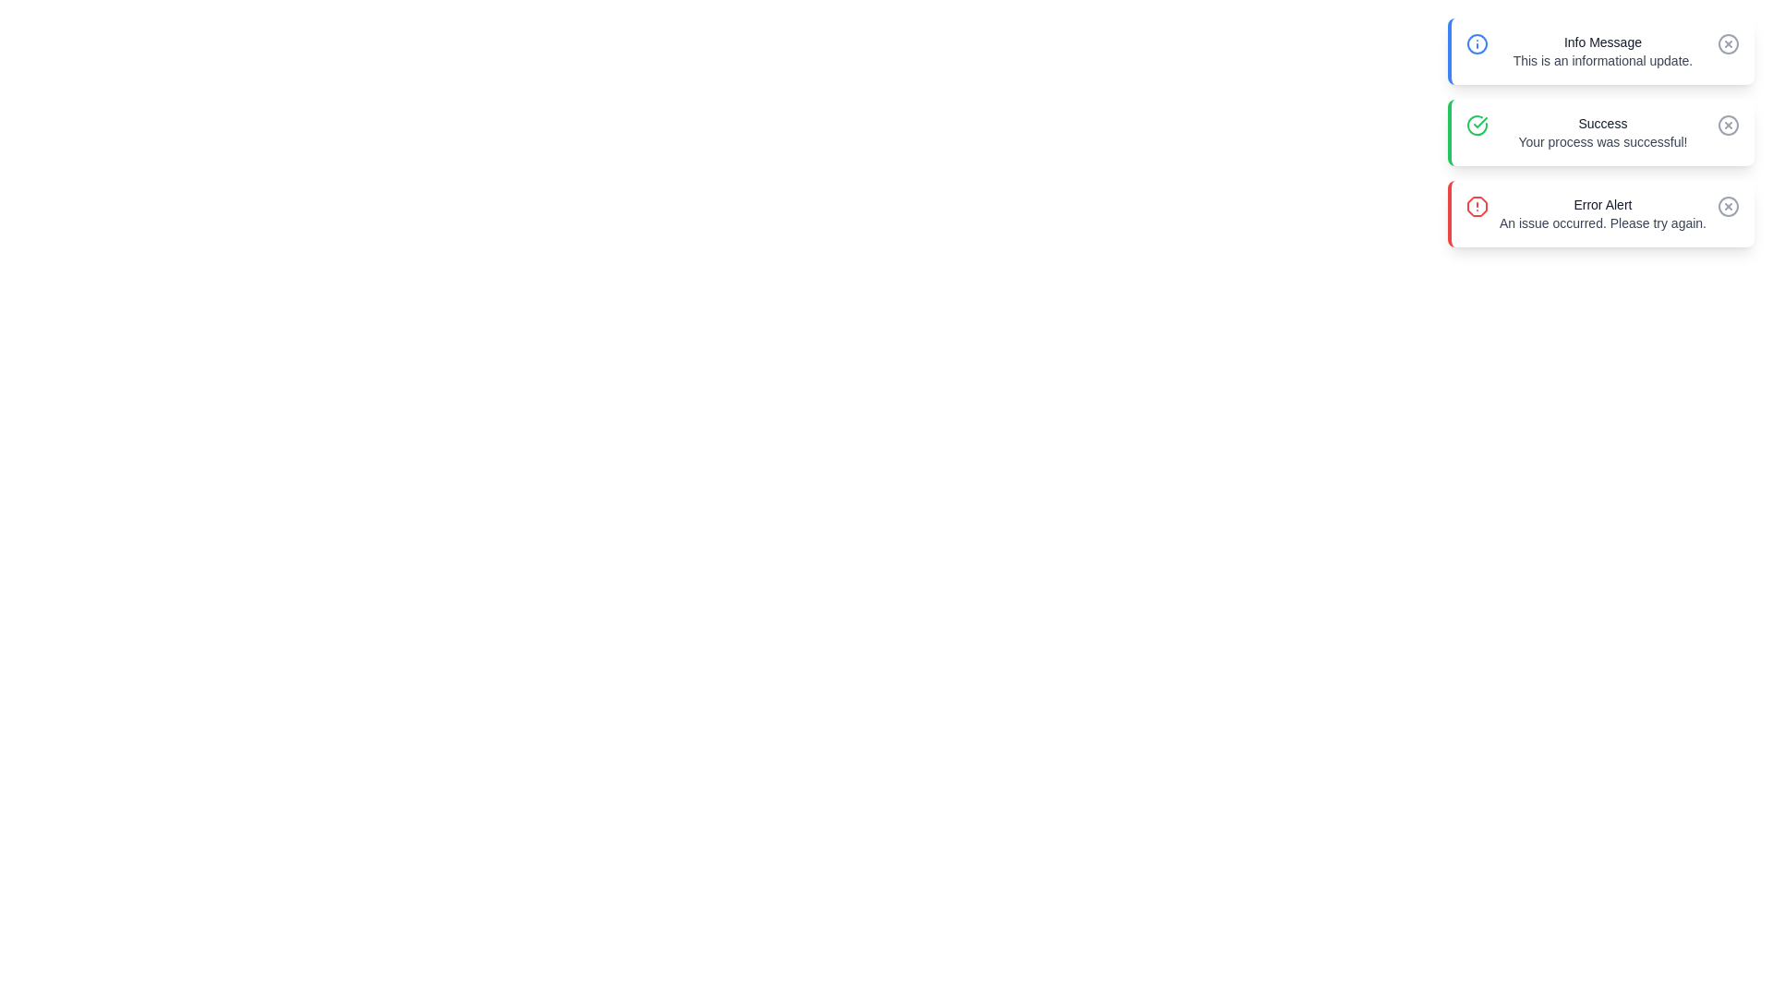  I want to click on the outermost circular boundary of the close icon group in the 'Error Alert' message, which serves as a decorative element, so click(1728, 125).